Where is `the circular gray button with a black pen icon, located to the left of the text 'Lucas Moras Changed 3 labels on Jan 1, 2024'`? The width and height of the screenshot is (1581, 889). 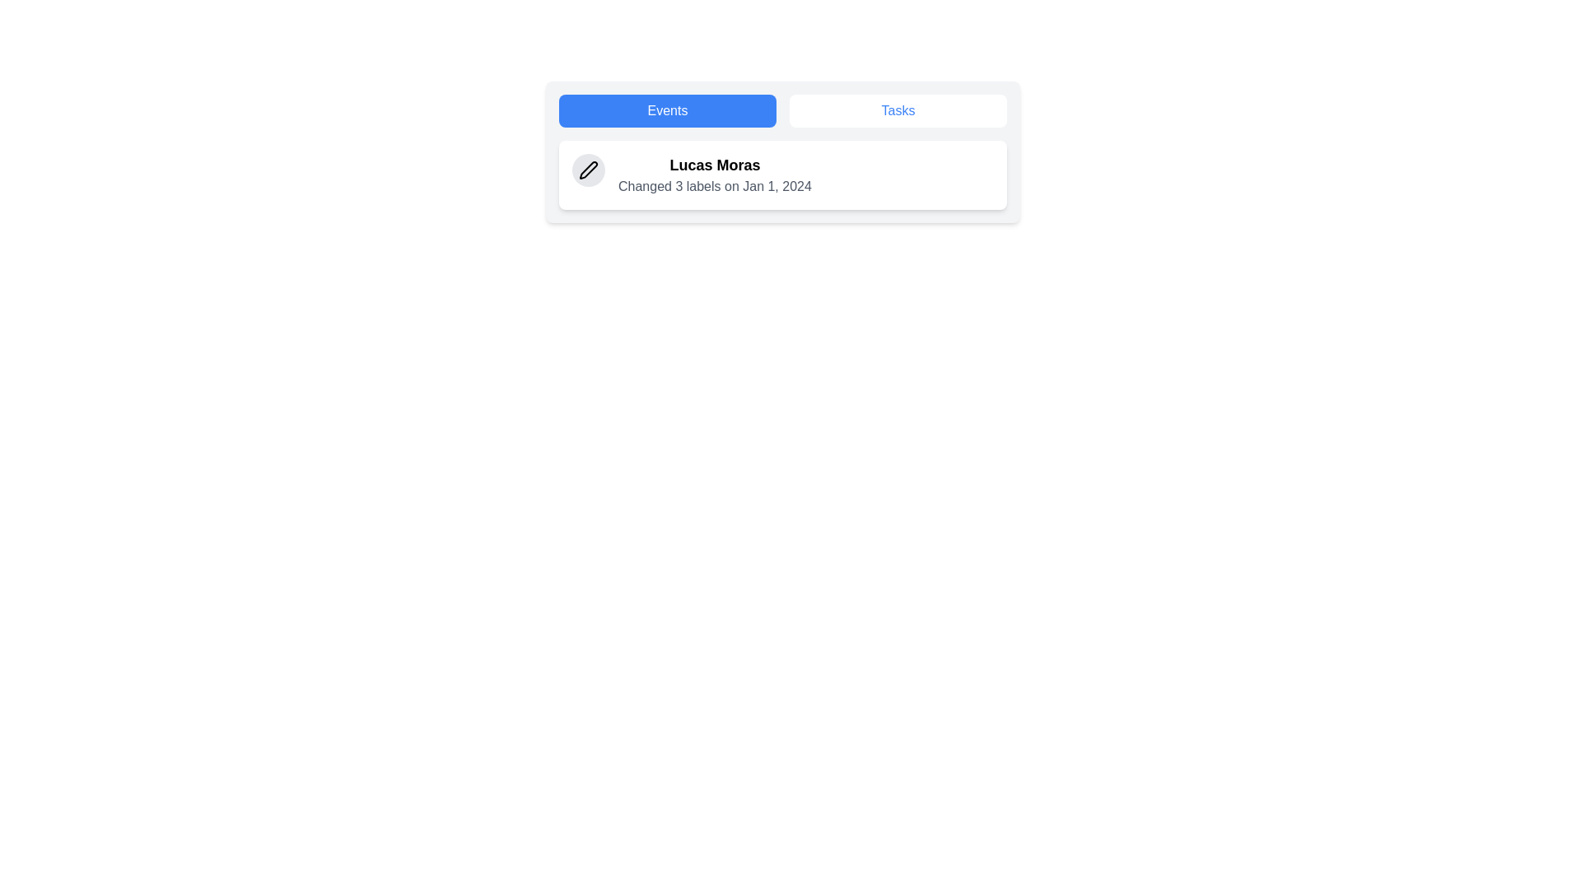 the circular gray button with a black pen icon, located to the left of the text 'Lucas Moras Changed 3 labels on Jan 1, 2024' is located at coordinates (589, 170).